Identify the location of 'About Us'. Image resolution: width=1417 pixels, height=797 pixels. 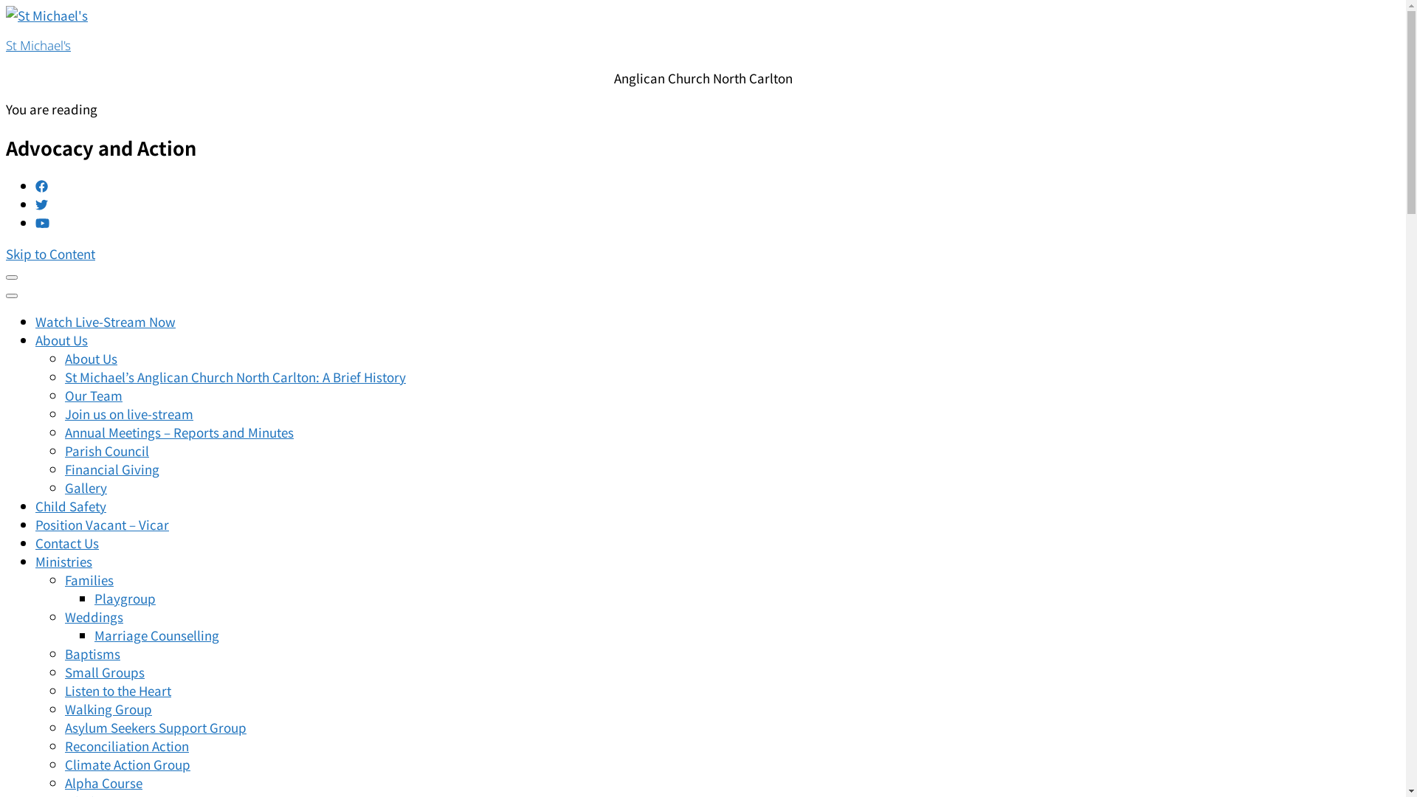
(61, 339).